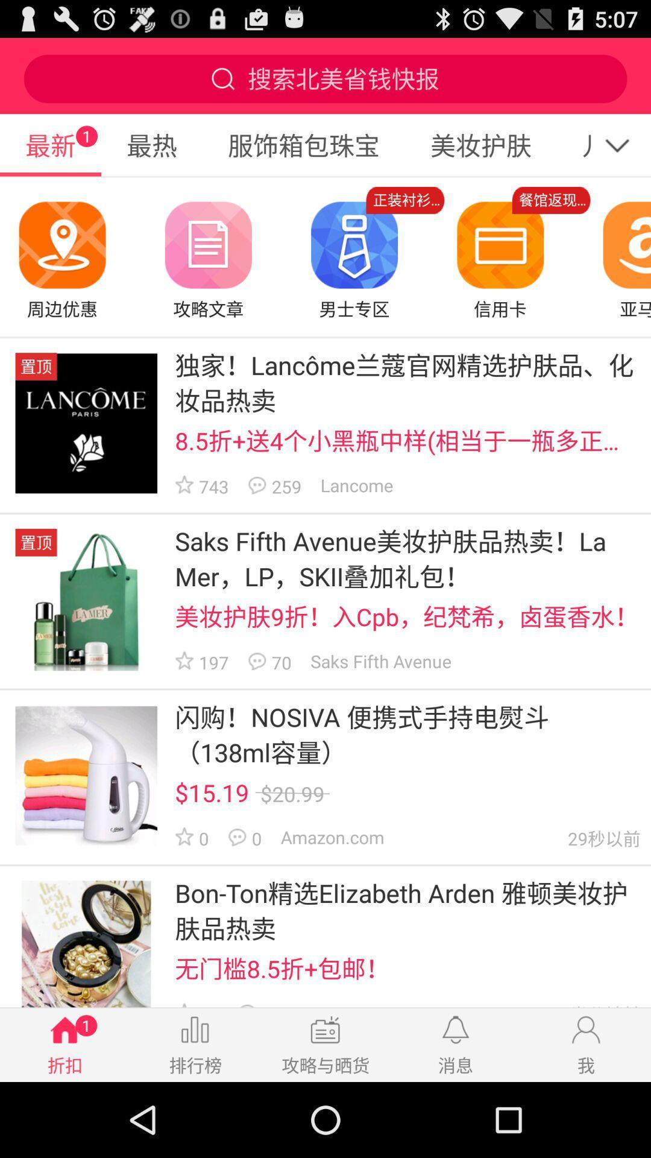  Describe the element at coordinates (623, 155) in the screenshot. I see `the expand_more icon` at that location.